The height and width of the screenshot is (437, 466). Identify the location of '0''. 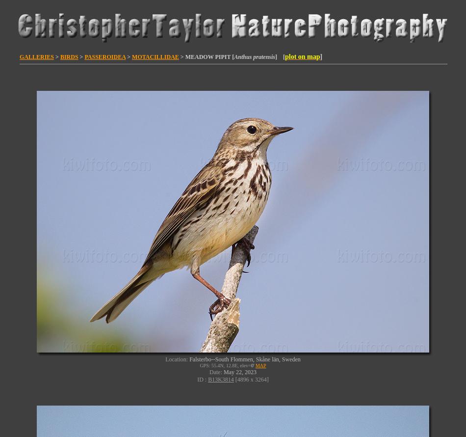
(252, 365).